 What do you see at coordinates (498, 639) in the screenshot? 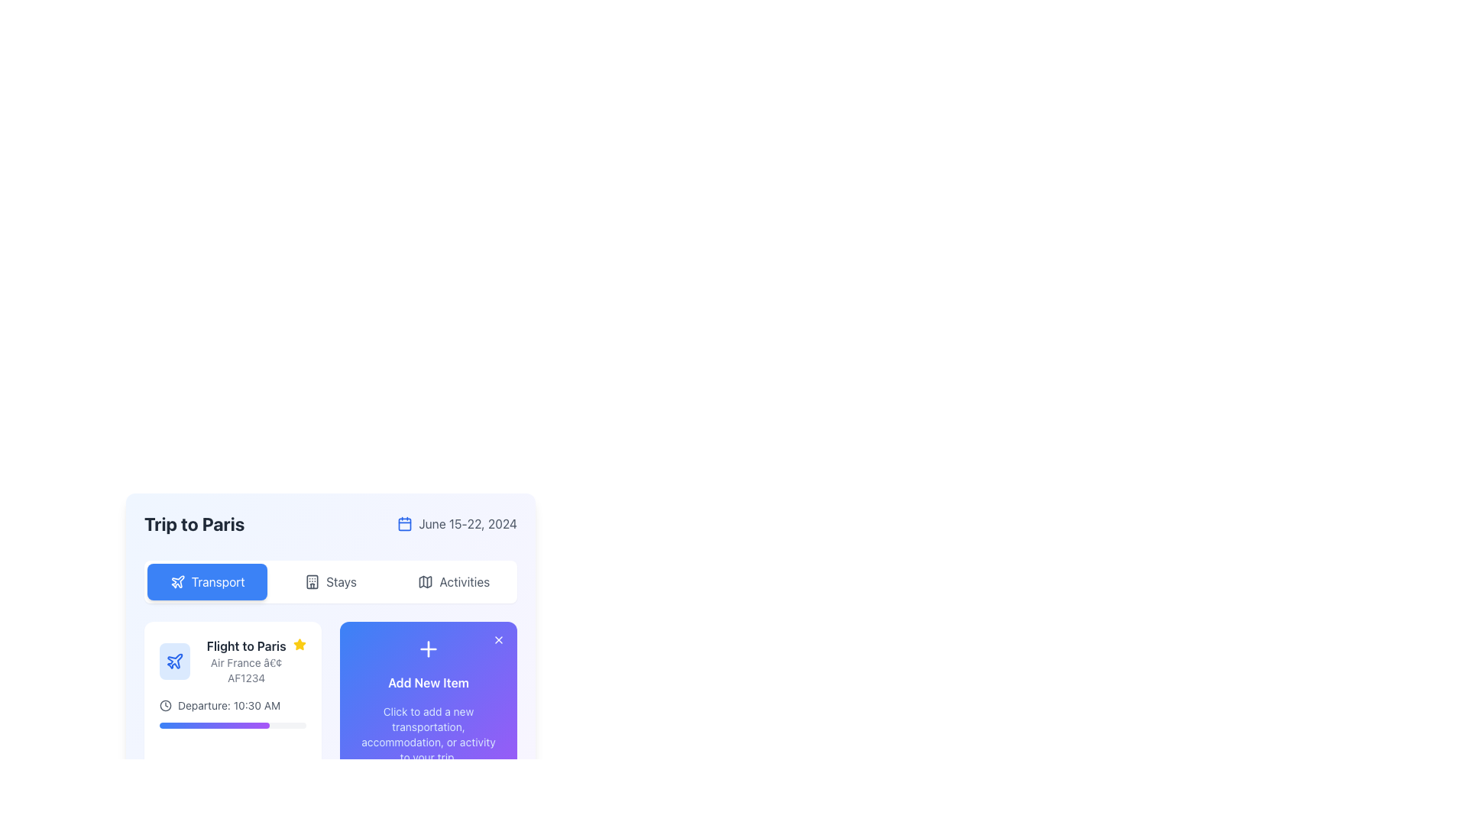
I see `the close or delete icon button located at the top-right corner of the 'Add New Item' rectangular purple gradient box` at bounding box center [498, 639].